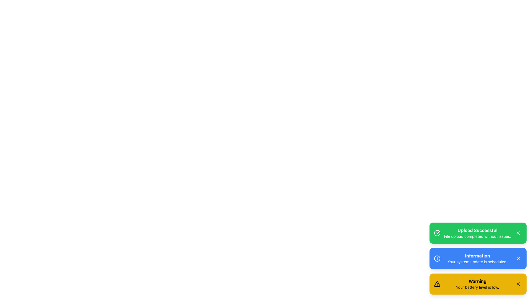  What do you see at coordinates (477, 236) in the screenshot?
I see `the text stating 'File upload completed without issues.' which is displayed in a smaller font size on a green background below the primary heading 'Upload Successful'` at bounding box center [477, 236].